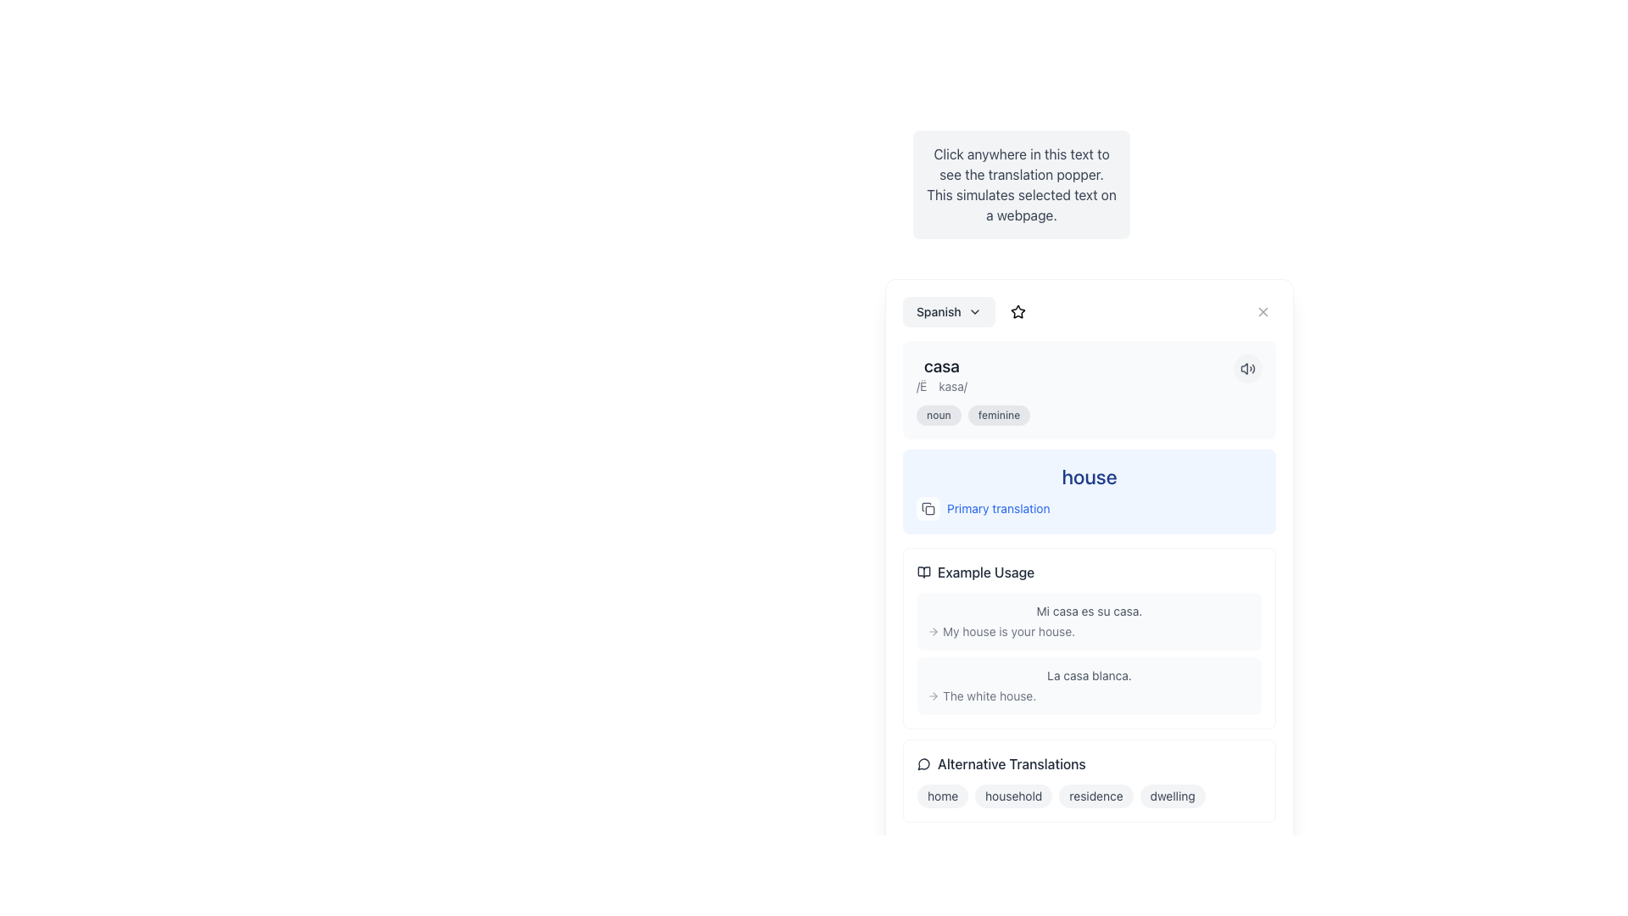  What do you see at coordinates (1090, 638) in the screenshot?
I see `the links or icons within the 'Example Usage' informational display box, which is positioned above the 'Alternative Translations' section` at bounding box center [1090, 638].